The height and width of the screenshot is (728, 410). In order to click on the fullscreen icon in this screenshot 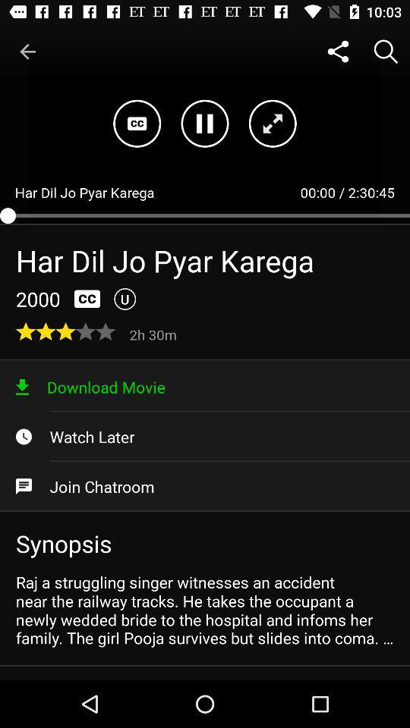, I will do `click(272, 123)`.